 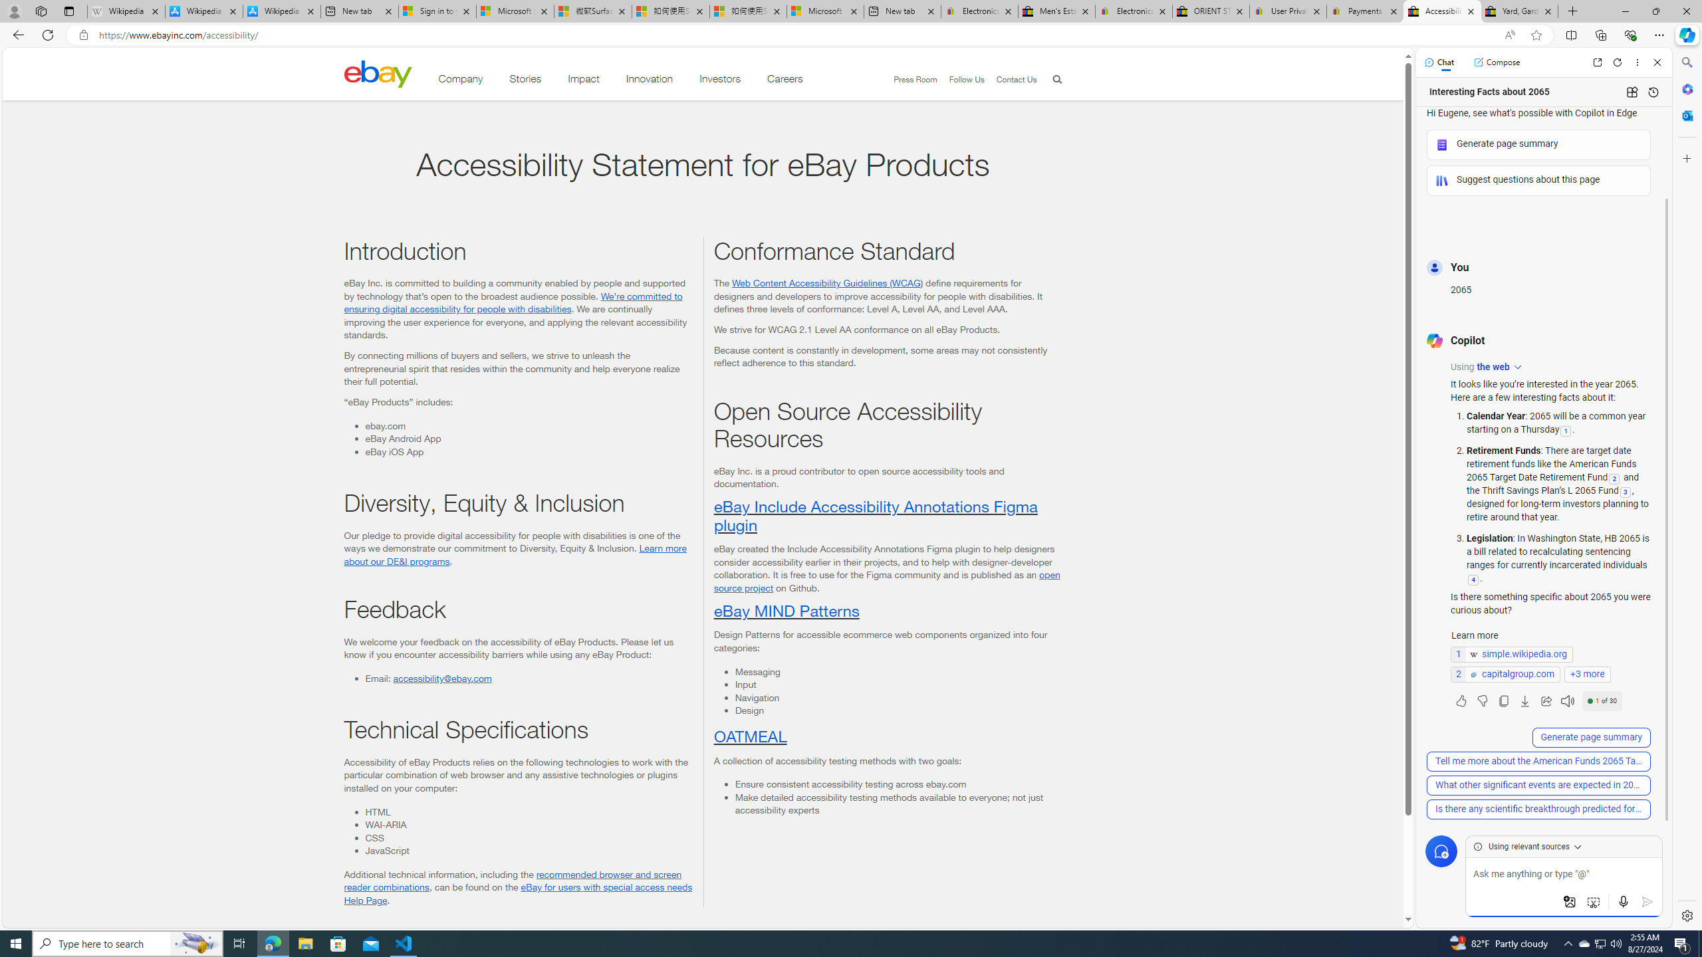 I want to click on 'Class: desktop', so click(x=377, y=74).